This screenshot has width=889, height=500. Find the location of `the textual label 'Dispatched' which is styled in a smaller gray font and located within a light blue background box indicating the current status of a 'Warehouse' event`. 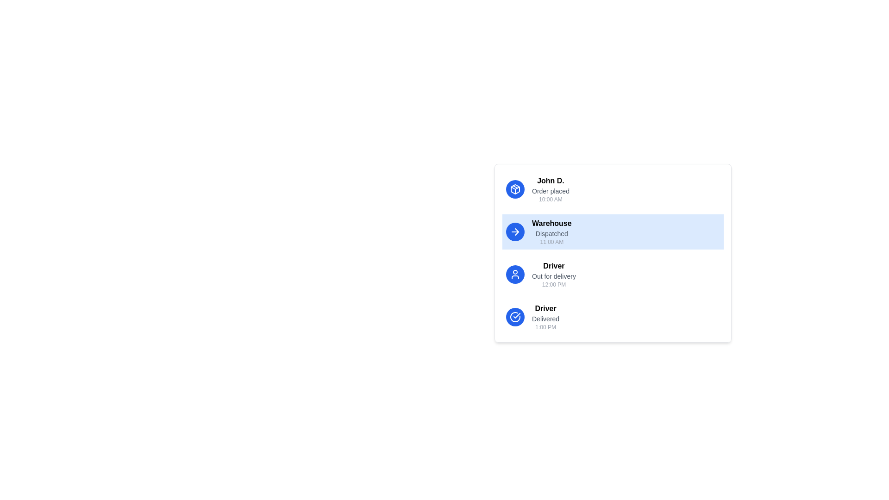

the textual label 'Dispatched' which is styled in a smaller gray font and located within a light blue background box indicating the current status of a 'Warehouse' event is located at coordinates (551, 233).